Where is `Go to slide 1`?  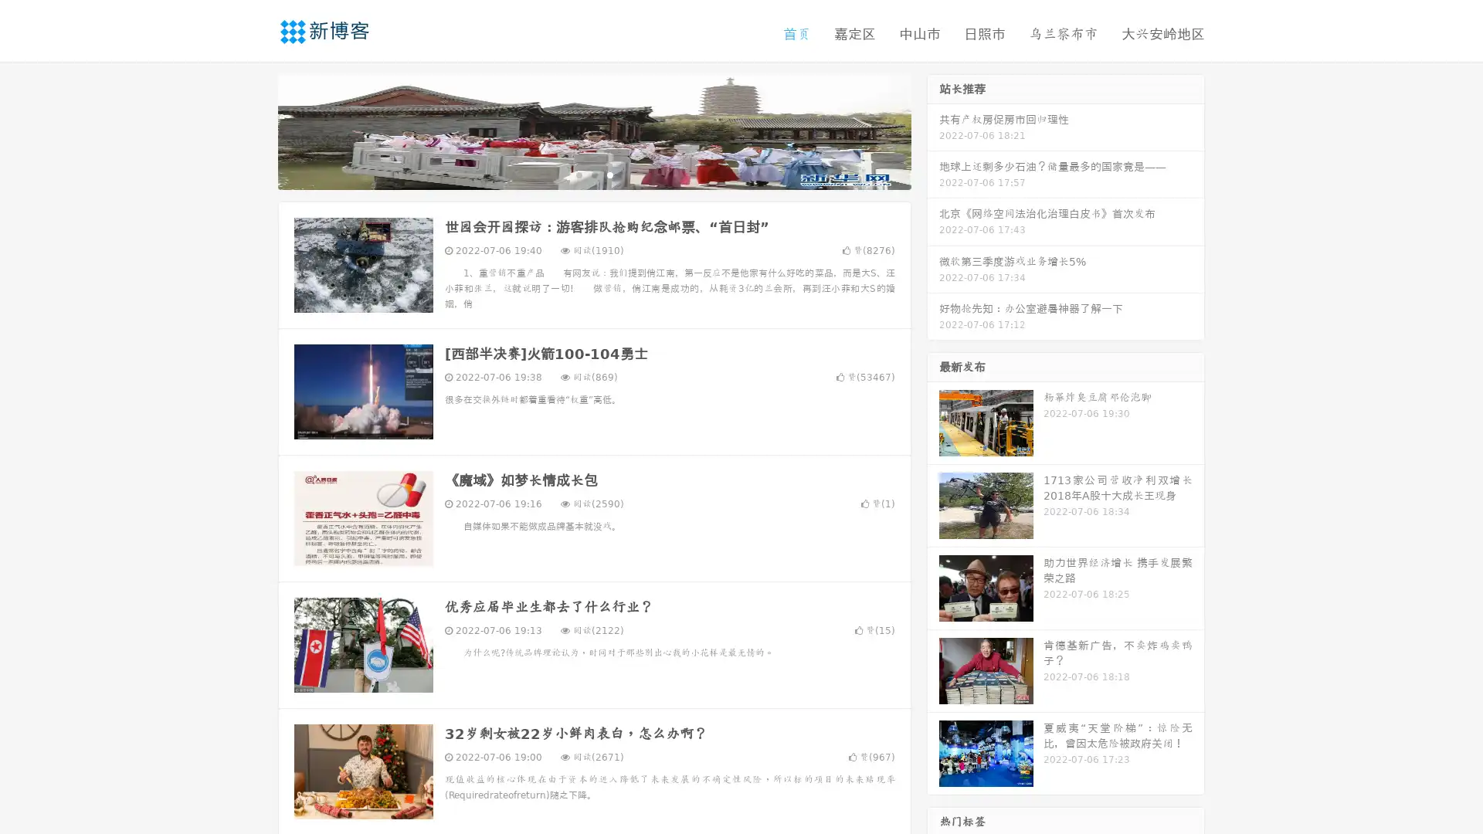 Go to slide 1 is located at coordinates (578, 174).